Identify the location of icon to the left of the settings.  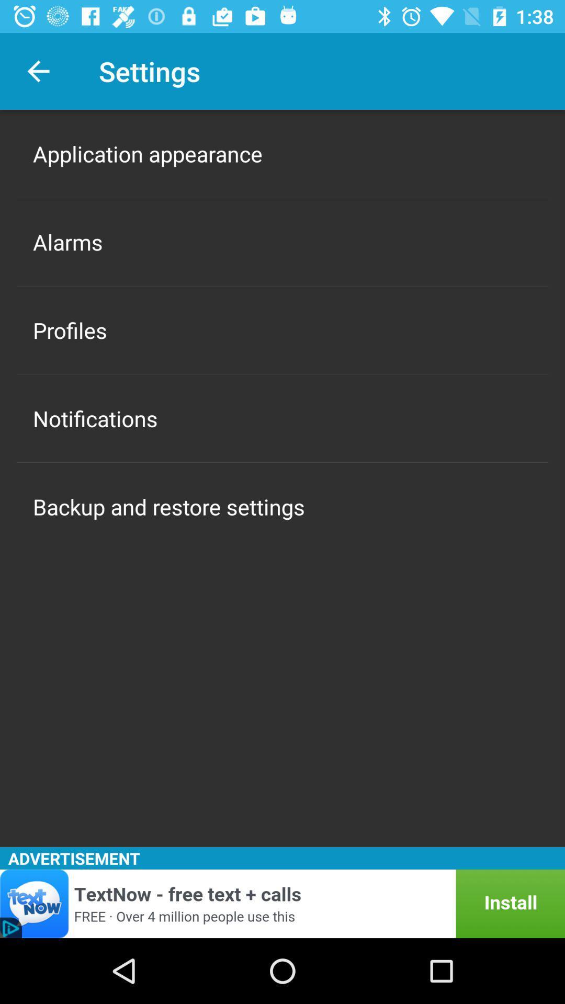
(38, 71).